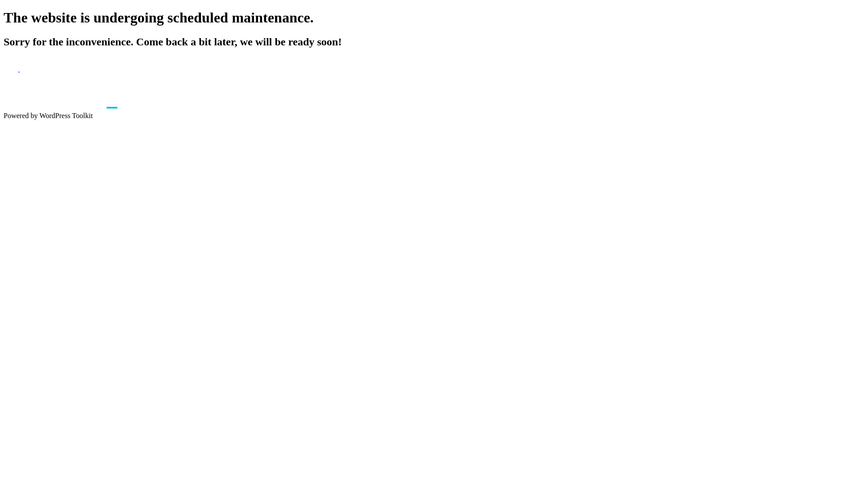 This screenshot has height=485, width=863. I want to click on 'Twitter', so click(19, 68).